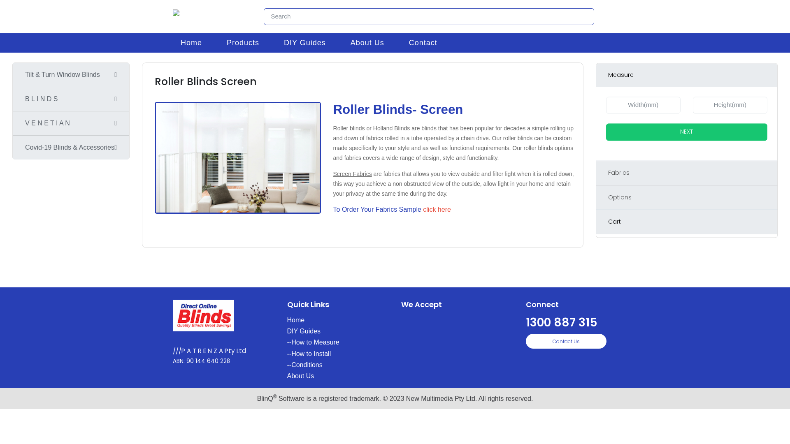  What do you see at coordinates (686, 75) in the screenshot?
I see `'Measure'` at bounding box center [686, 75].